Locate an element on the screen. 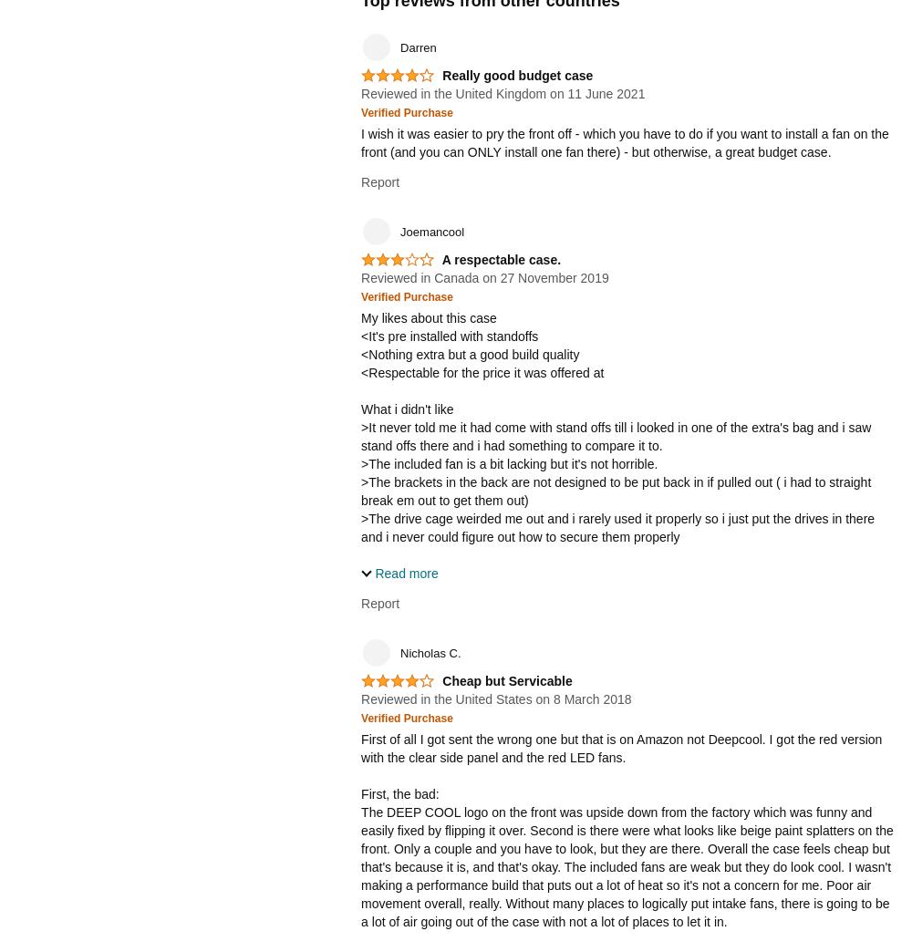 The width and height of the screenshot is (912, 952). 'Reviewed in the United Kingdom on 11 June 2021' is located at coordinates (503, 92).